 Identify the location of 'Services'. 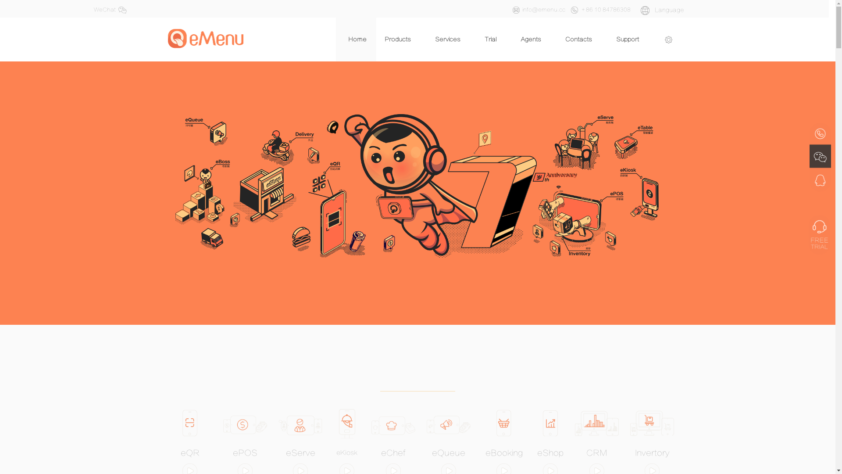
(448, 39).